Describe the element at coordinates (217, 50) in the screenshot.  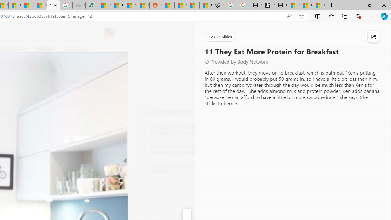
I see `'Personalize'` at that location.